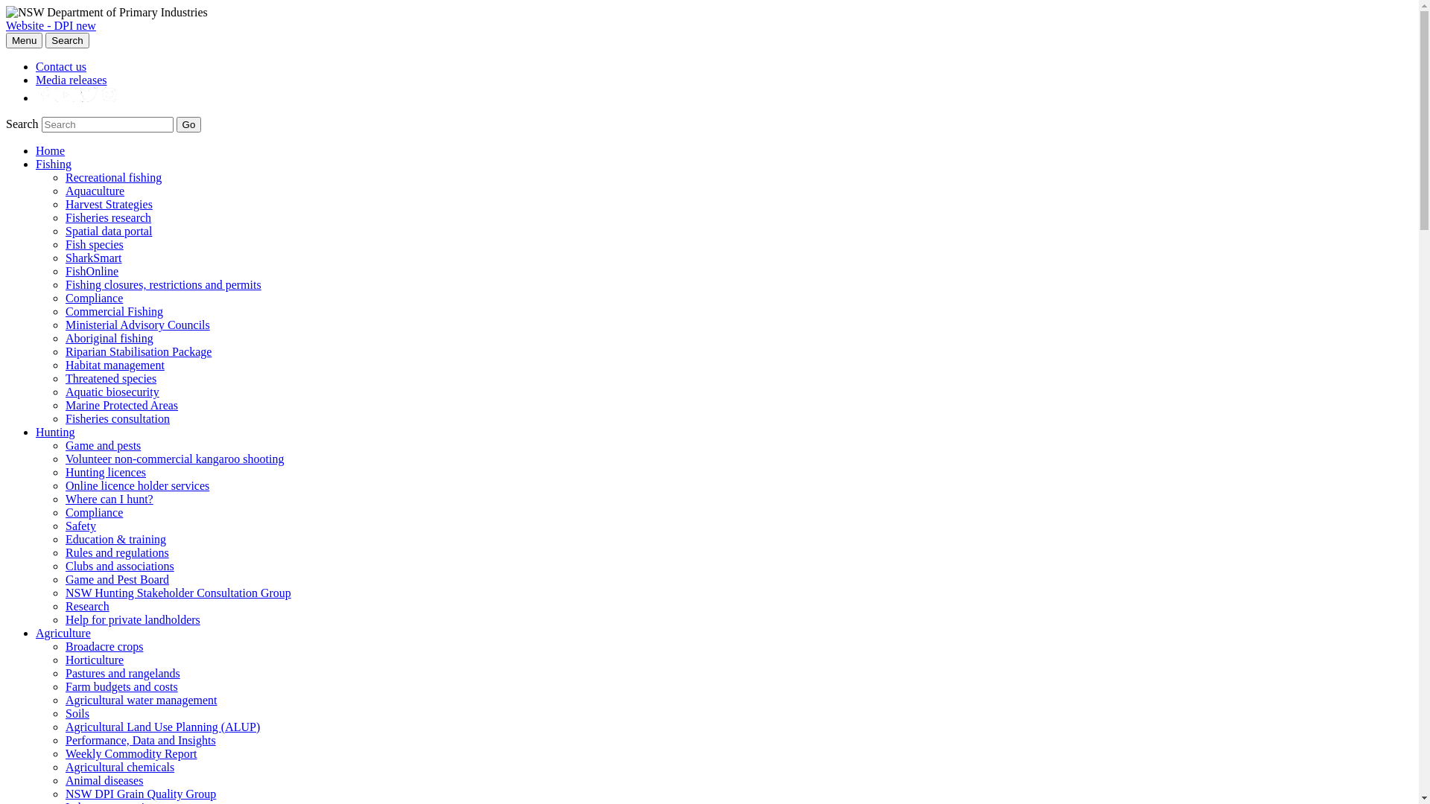 Image resolution: width=1430 pixels, height=804 pixels. I want to click on 'Fishing', so click(54, 164).